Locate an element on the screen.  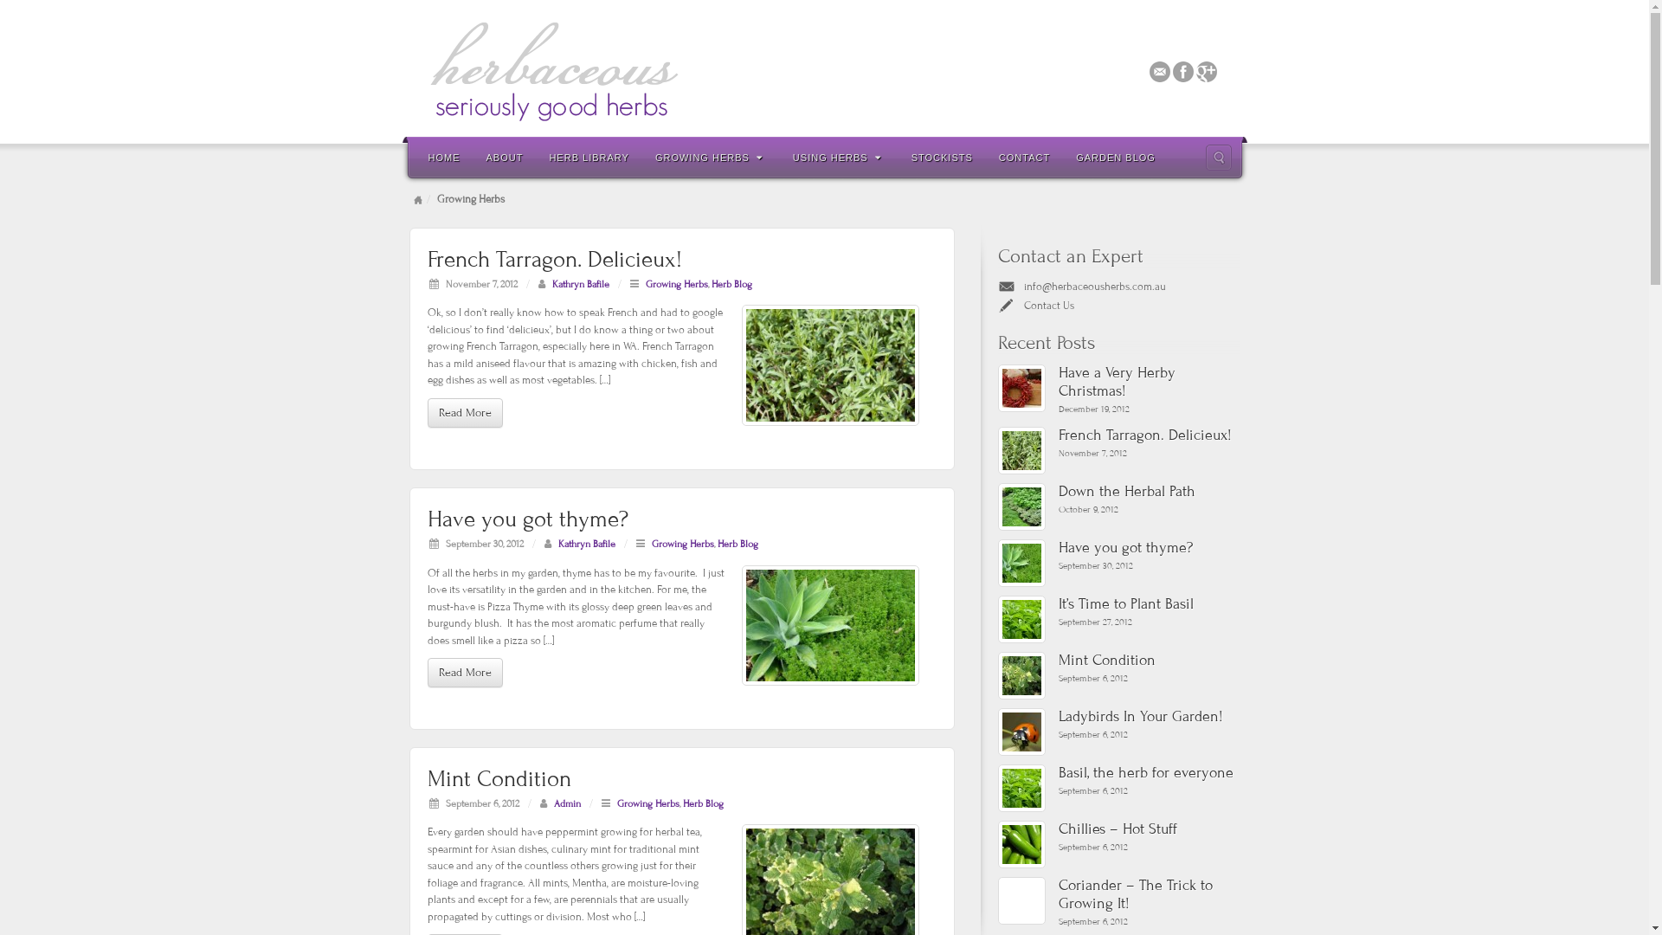
'USING HERBS' is located at coordinates (779, 157).